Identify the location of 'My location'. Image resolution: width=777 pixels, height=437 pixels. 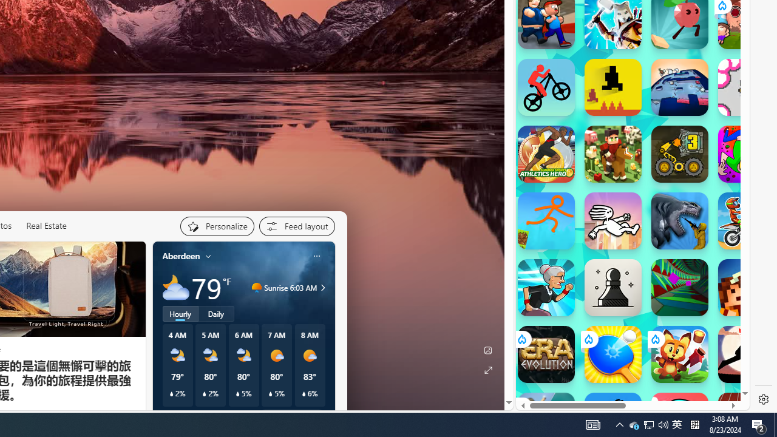
(208, 255).